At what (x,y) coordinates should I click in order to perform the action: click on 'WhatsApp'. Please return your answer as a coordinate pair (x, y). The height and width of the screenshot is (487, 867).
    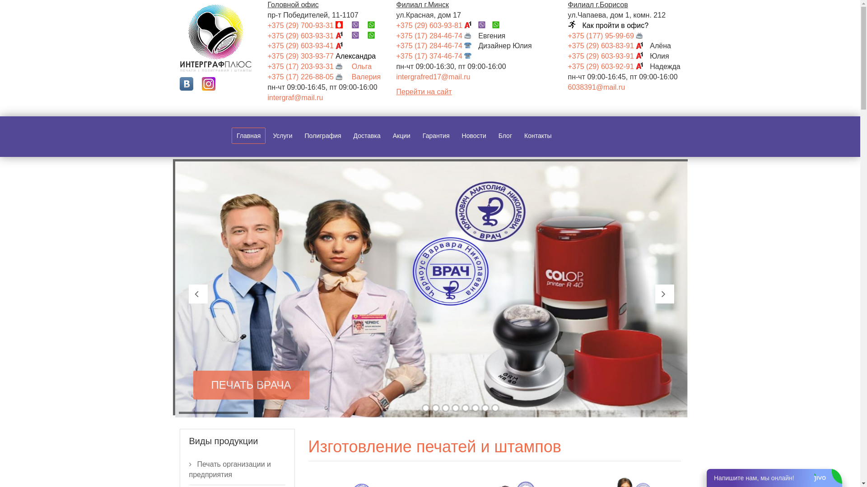
    Looking at the image, I should click on (374, 25).